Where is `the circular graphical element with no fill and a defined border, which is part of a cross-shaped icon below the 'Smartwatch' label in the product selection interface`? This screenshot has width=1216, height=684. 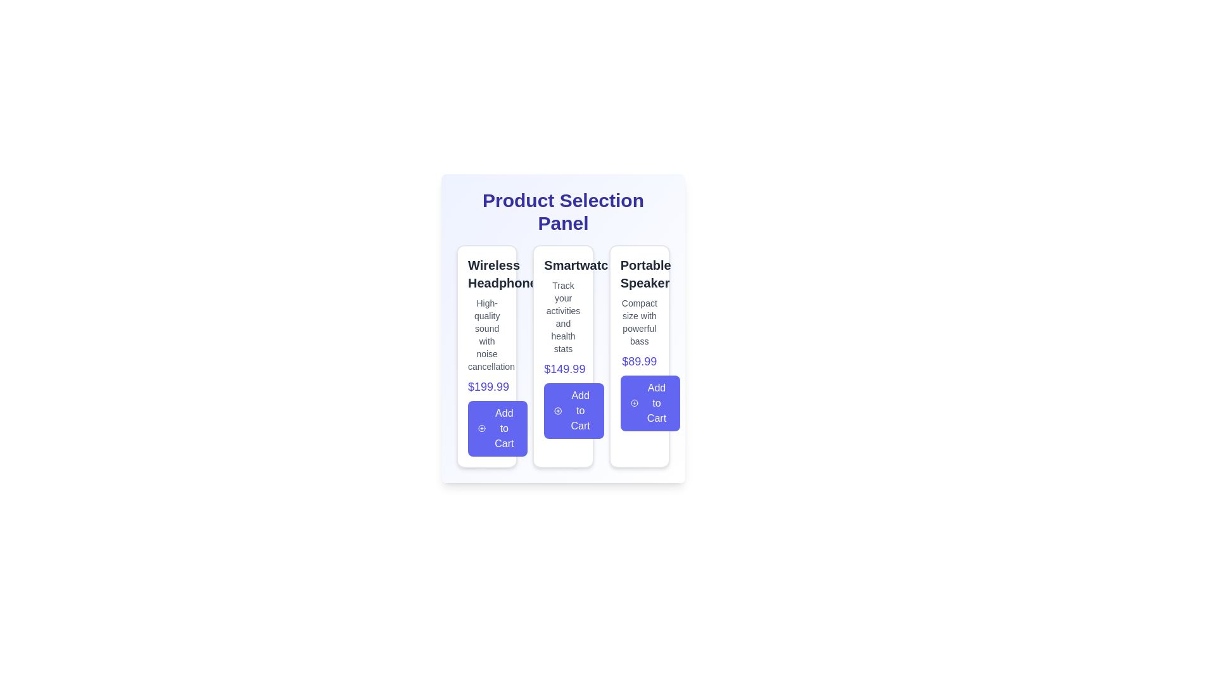
the circular graphical element with no fill and a defined border, which is part of a cross-shaped icon below the 'Smartwatch' label in the product selection interface is located at coordinates (557, 410).